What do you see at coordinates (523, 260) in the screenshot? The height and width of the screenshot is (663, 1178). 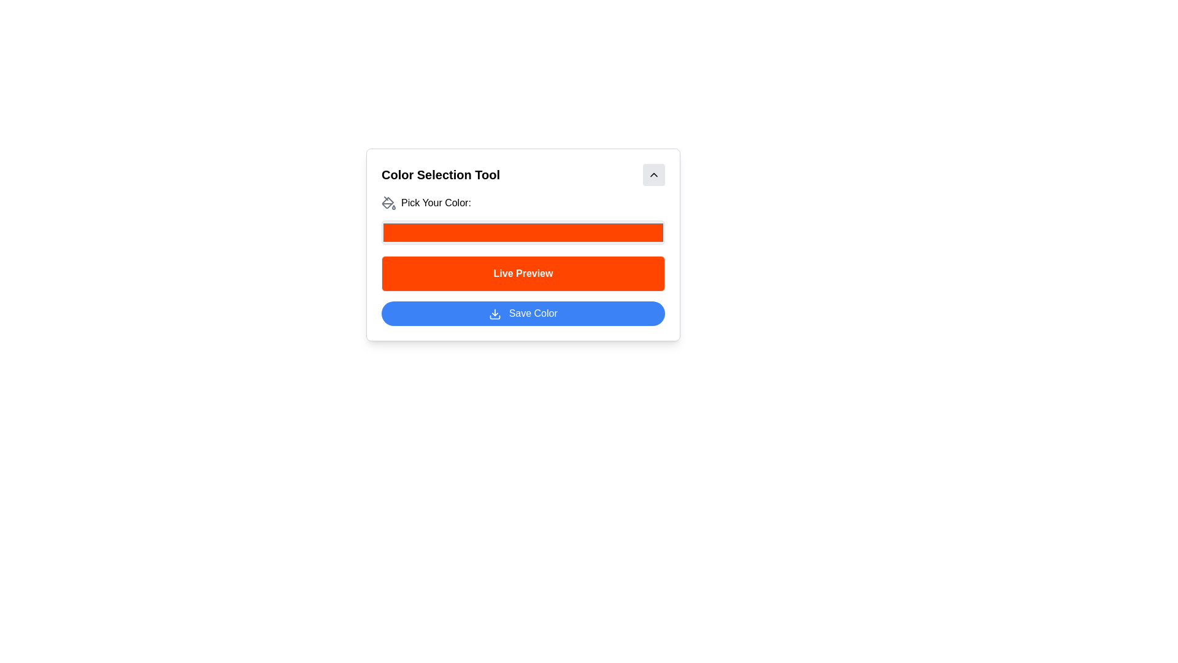 I see `the 'Color Selection Tool' composite UI component that includes a text display, input field, preview display, and a 'Save Color' button` at bounding box center [523, 260].